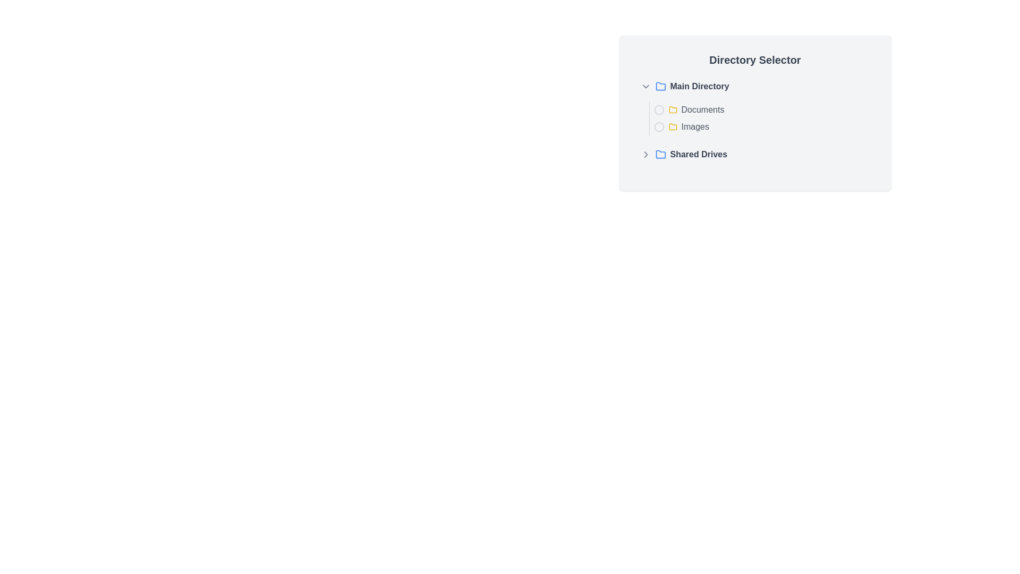  Describe the element at coordinates (672, 110) in the screenshot. I see `the folder icon with a yellow fill and thin outline located next to the text 'Documents' in the directory selection list` at that location.